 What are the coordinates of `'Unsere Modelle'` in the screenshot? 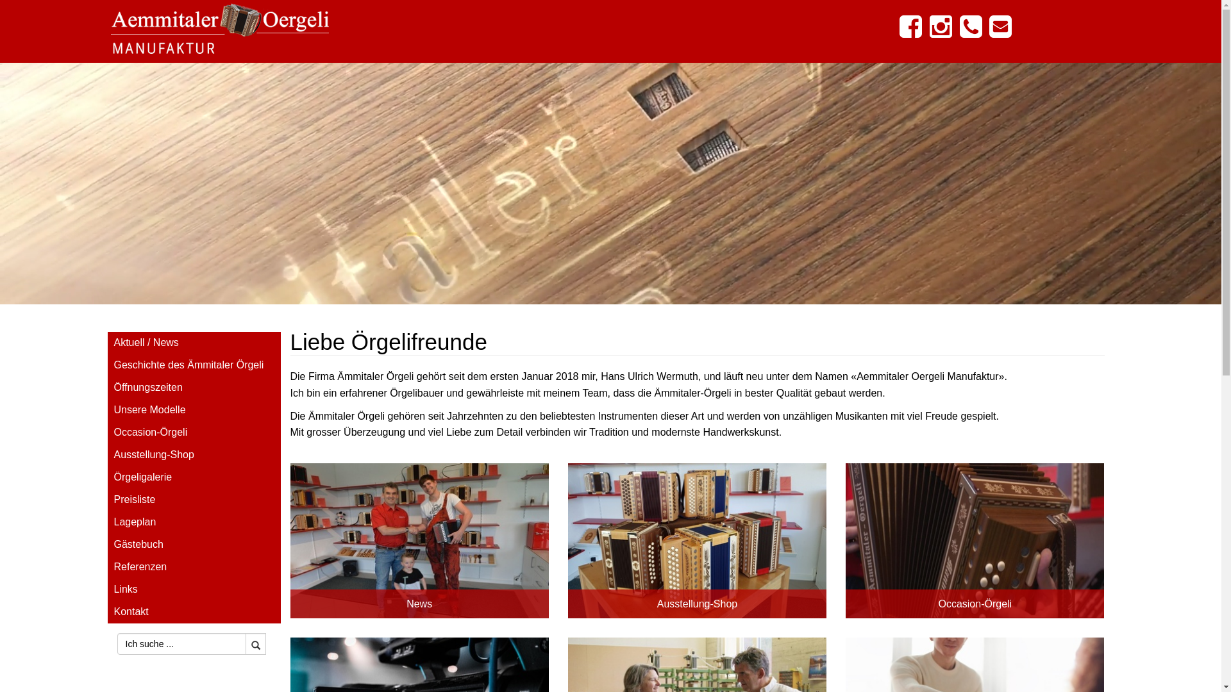 It's located at (193, 410).